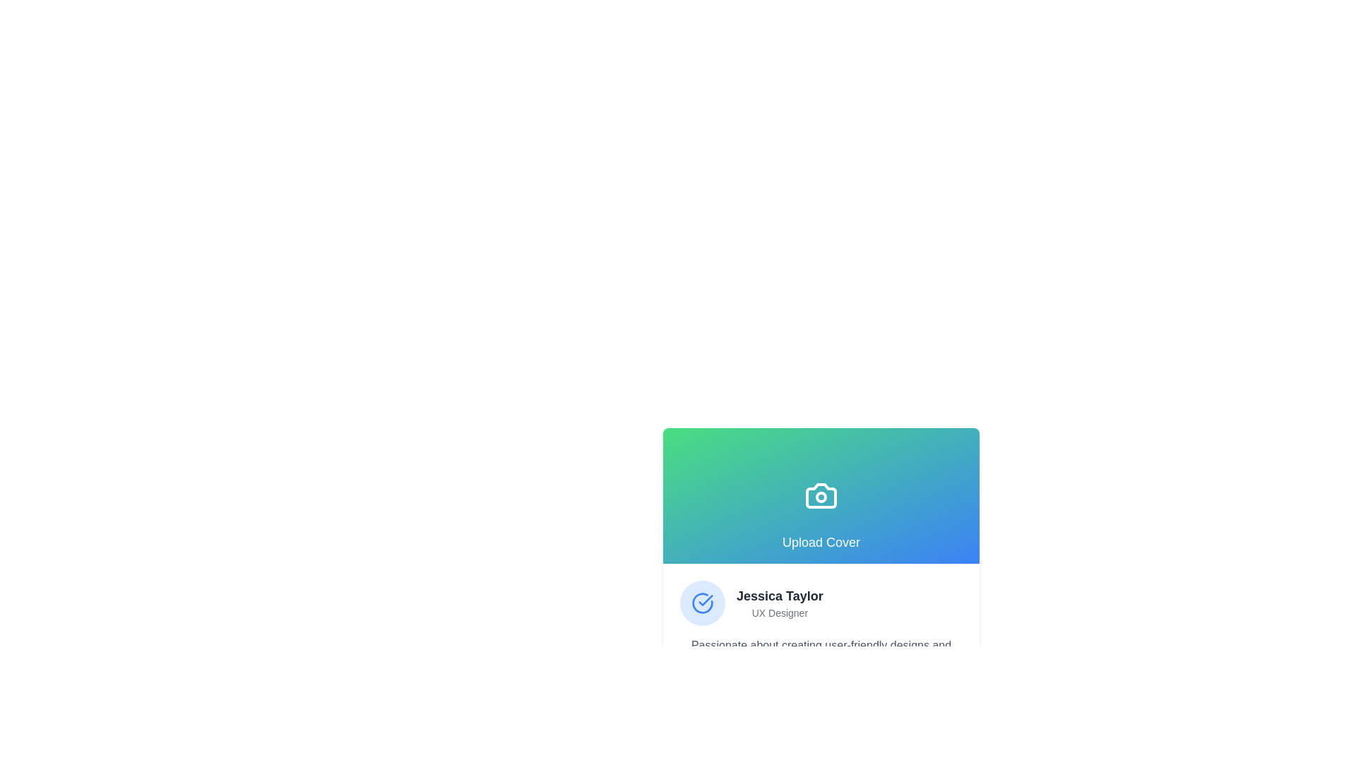  What do you see at coordinates (821, 497) in the screenshot?
I see `circle element within the SVG camera icon in the 'Upload Cover' section, located at the top center of the visible card` at bounding box center [821, 497].